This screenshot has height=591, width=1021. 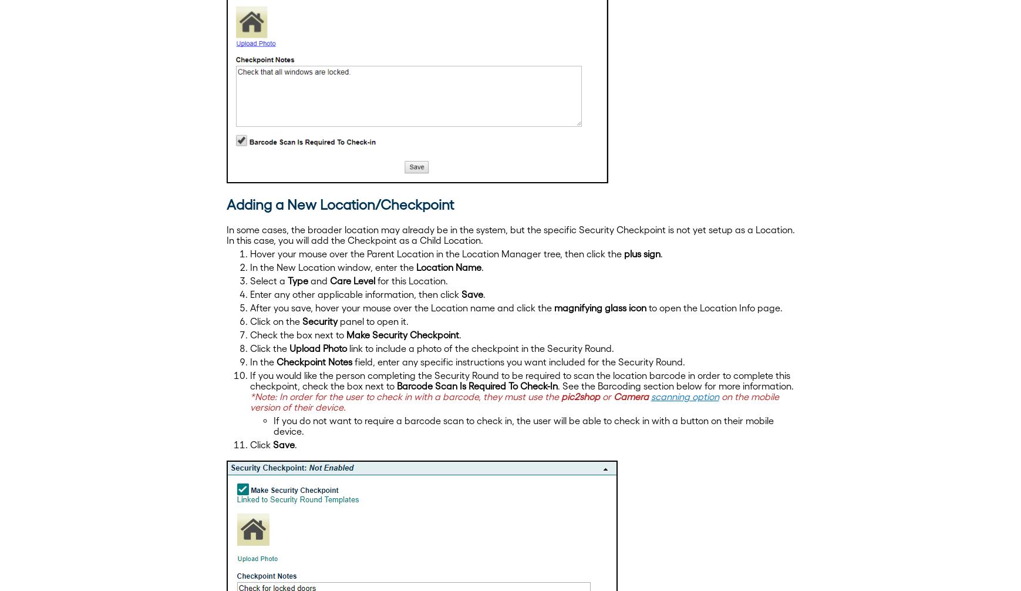 What do you see at coordinates (261, 444) in the screenshot?
I see `'Click'` at bounding box center [261, 444].